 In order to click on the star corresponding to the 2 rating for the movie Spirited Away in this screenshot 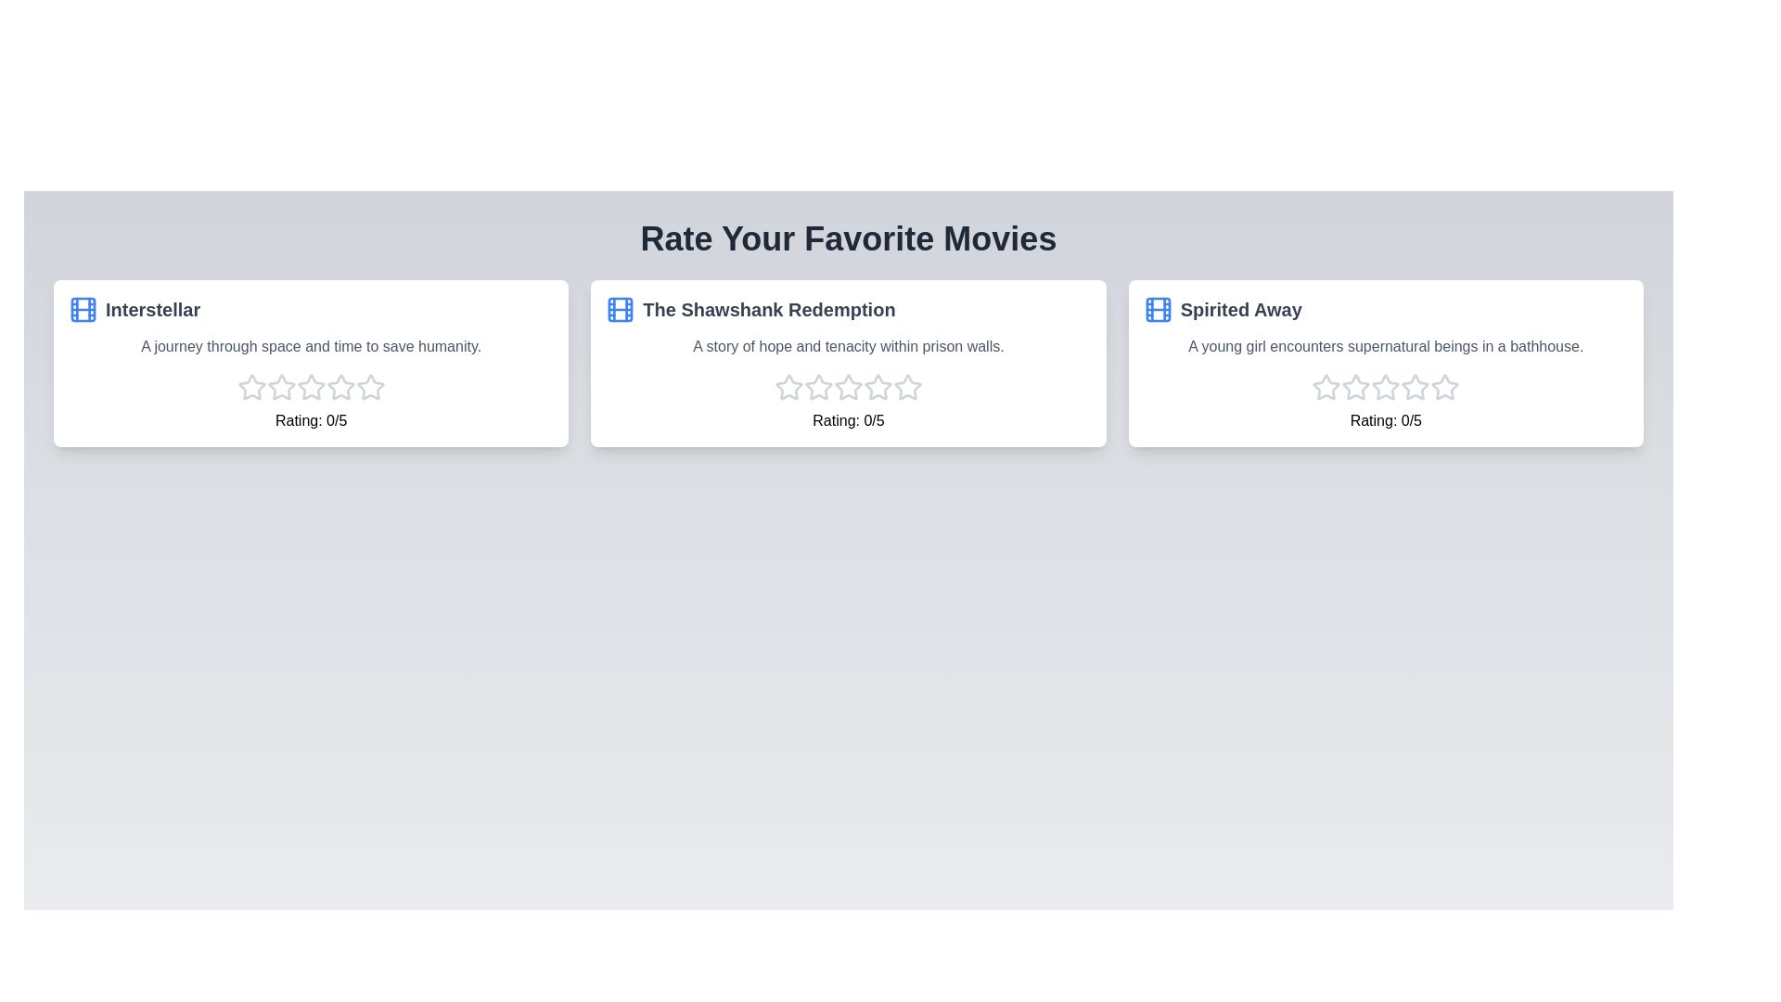, I will do `click(1356, 386)`.